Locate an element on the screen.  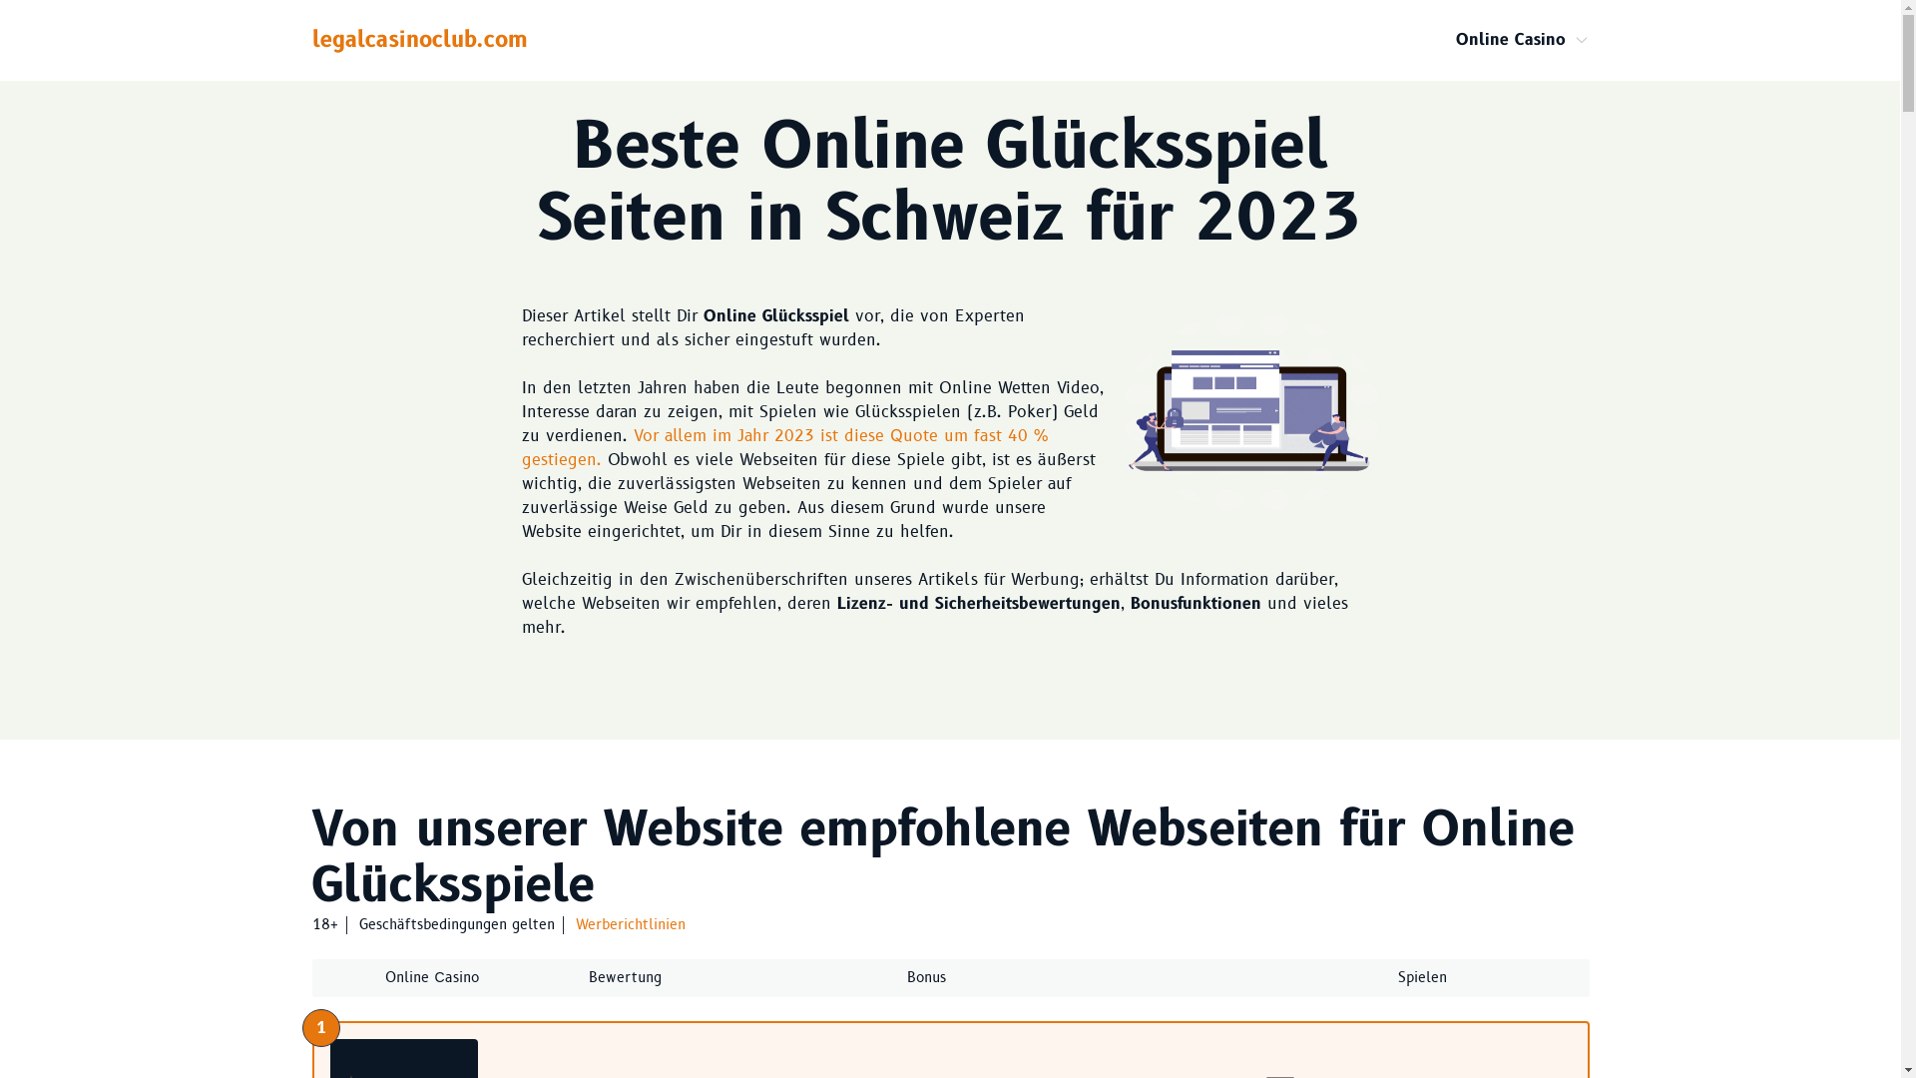
'Werberichtlinien' is located at coordinates (574, 924).